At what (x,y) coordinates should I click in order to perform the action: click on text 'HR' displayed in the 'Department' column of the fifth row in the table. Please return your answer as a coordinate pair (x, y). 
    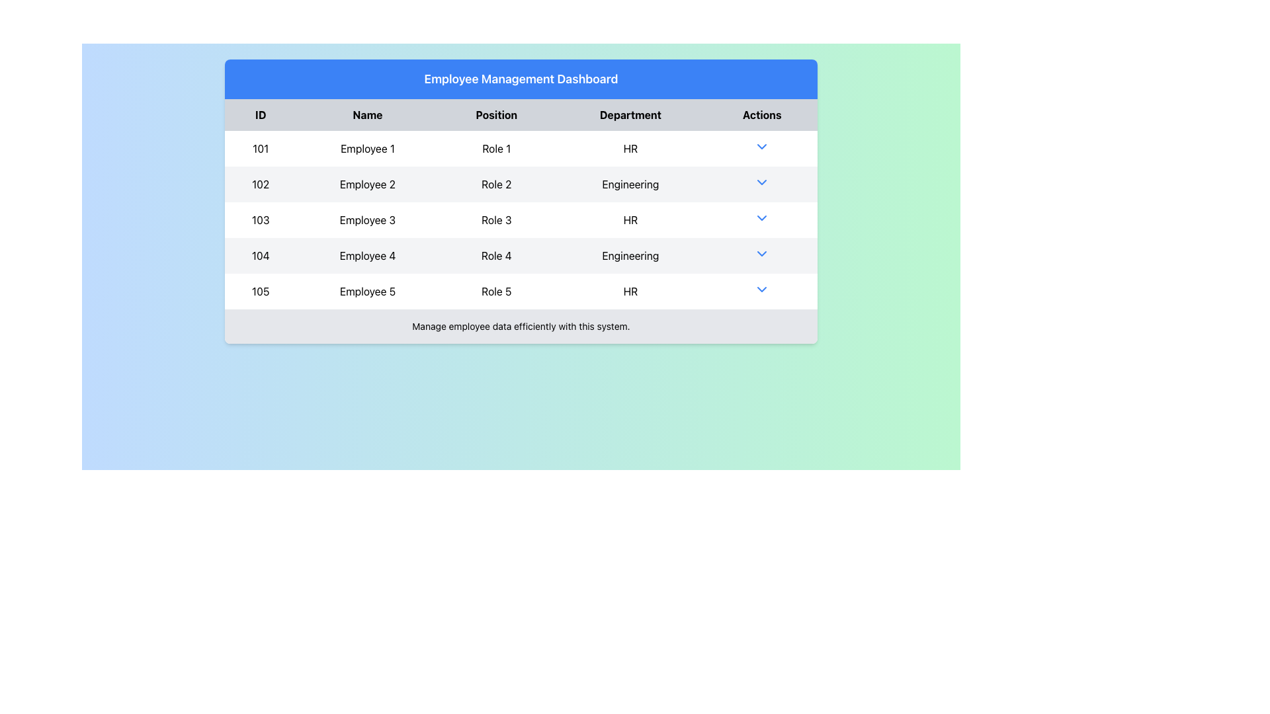
    Looking at the image, I should click on (630, 290).